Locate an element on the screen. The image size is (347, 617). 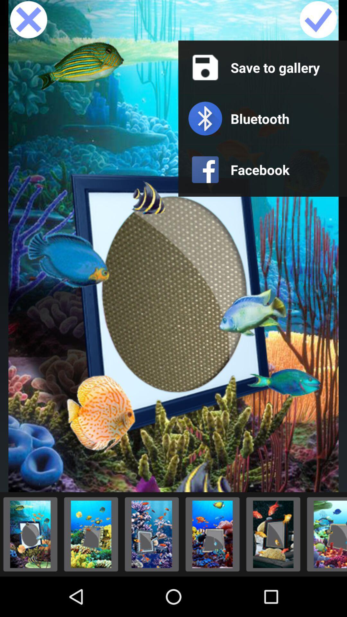
choose selection is located at coordinates (152, 534).